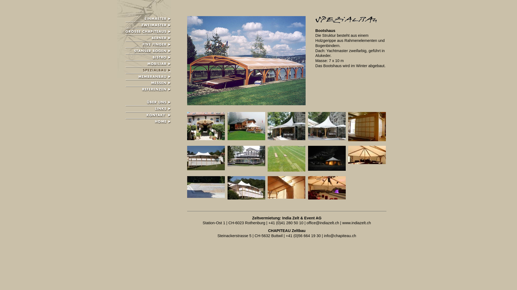  Describe the element at coordinates (323, 223) in the screenshot. I see `'office@indiazelt.ch'` at that location.